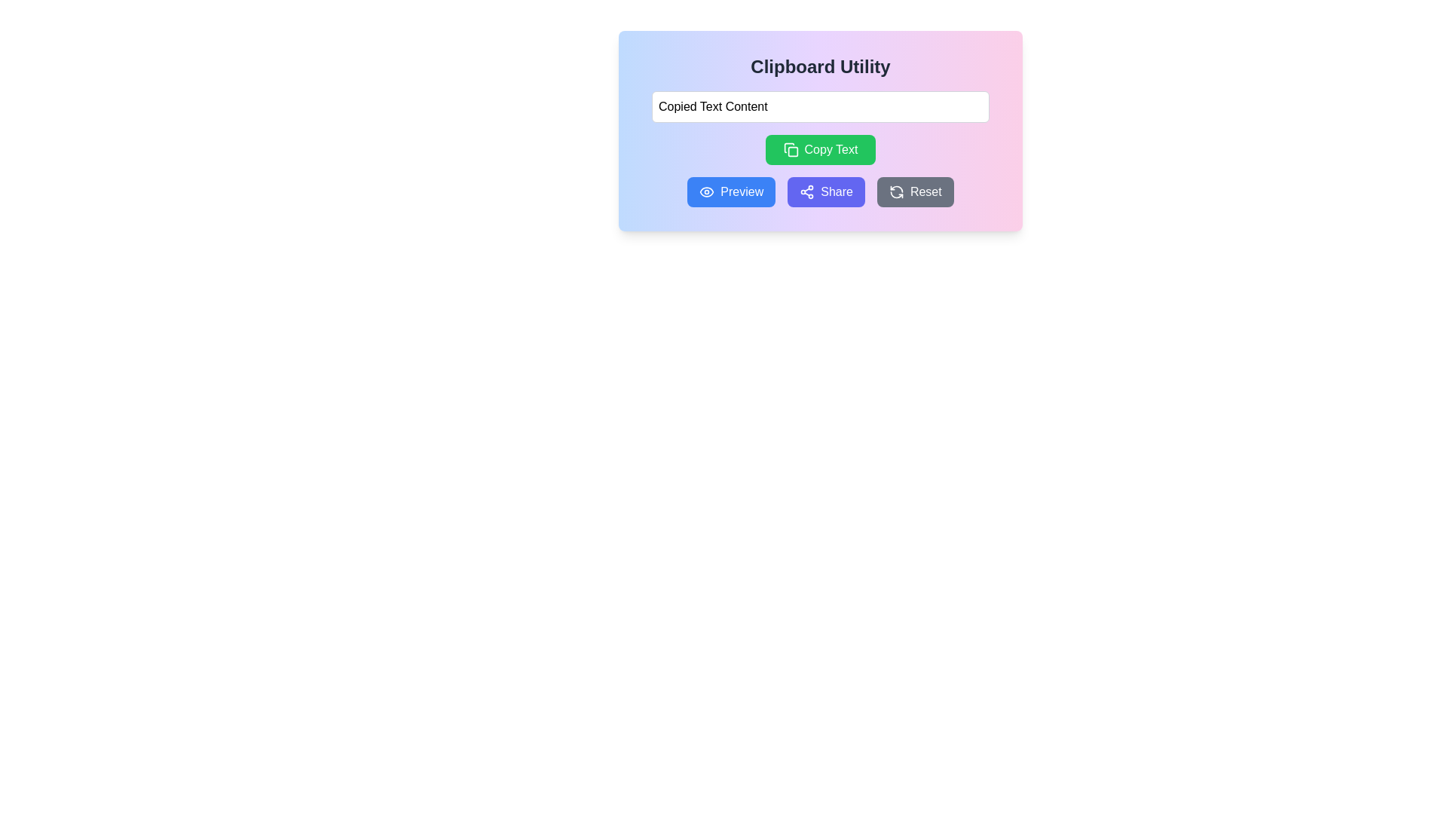  I want to click on the 'Share' button with a purple background and white text, so click(825, 191).